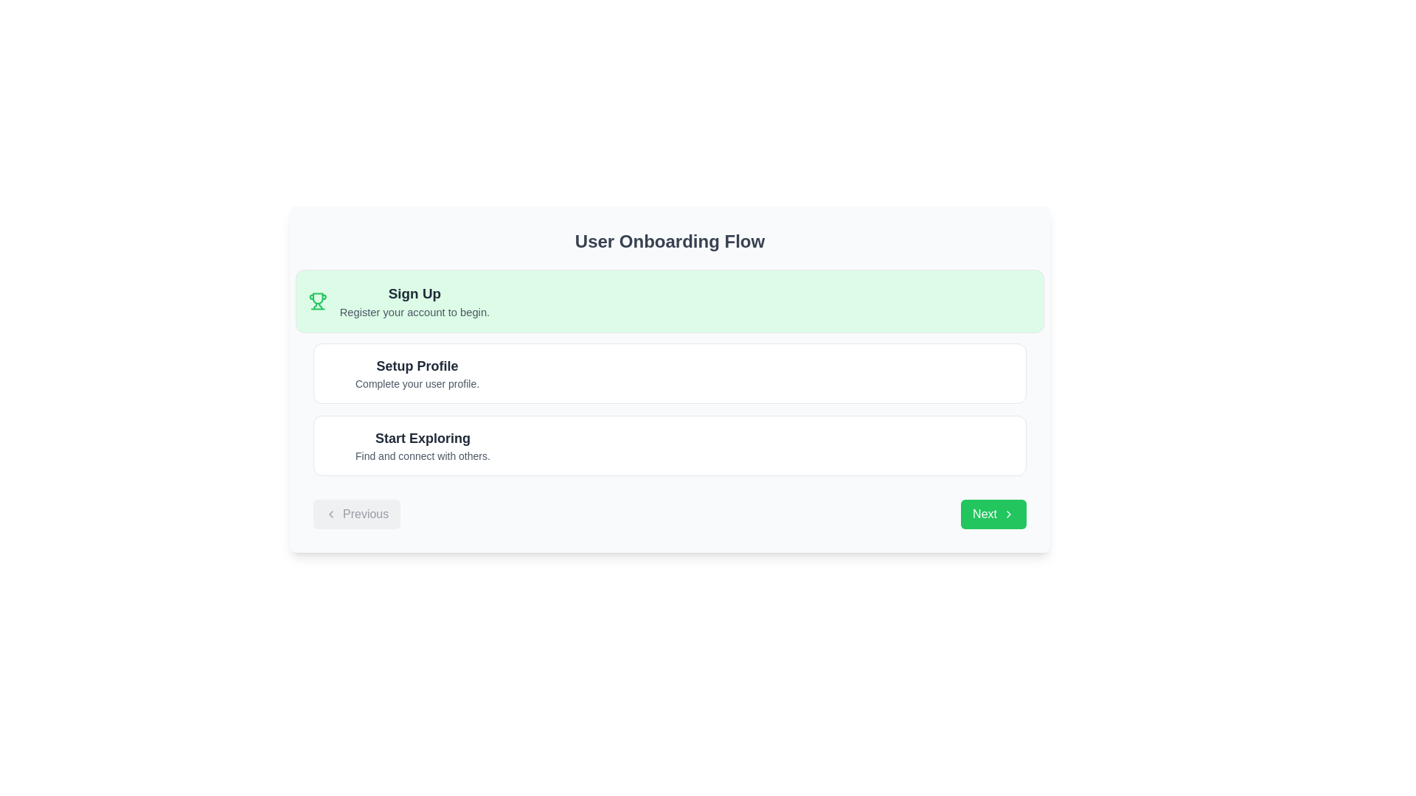  What do you see at coordinates (1008, 514) in the screenshot?
I see `the right-pointing arrow icon with a green background located in the bottom-right corner of the user interface, adjacent to the 'Next' button text` at bounding box center [1008, 514].